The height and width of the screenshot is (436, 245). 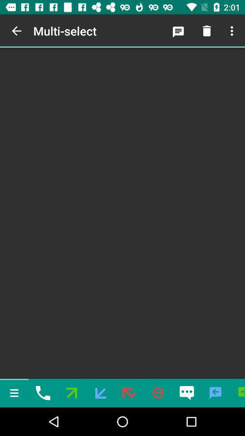 What do you see at coordinates (178, 31) in the screenshot?
I see `the icon next to the multi-select icon` at bounding box center [178, 31].